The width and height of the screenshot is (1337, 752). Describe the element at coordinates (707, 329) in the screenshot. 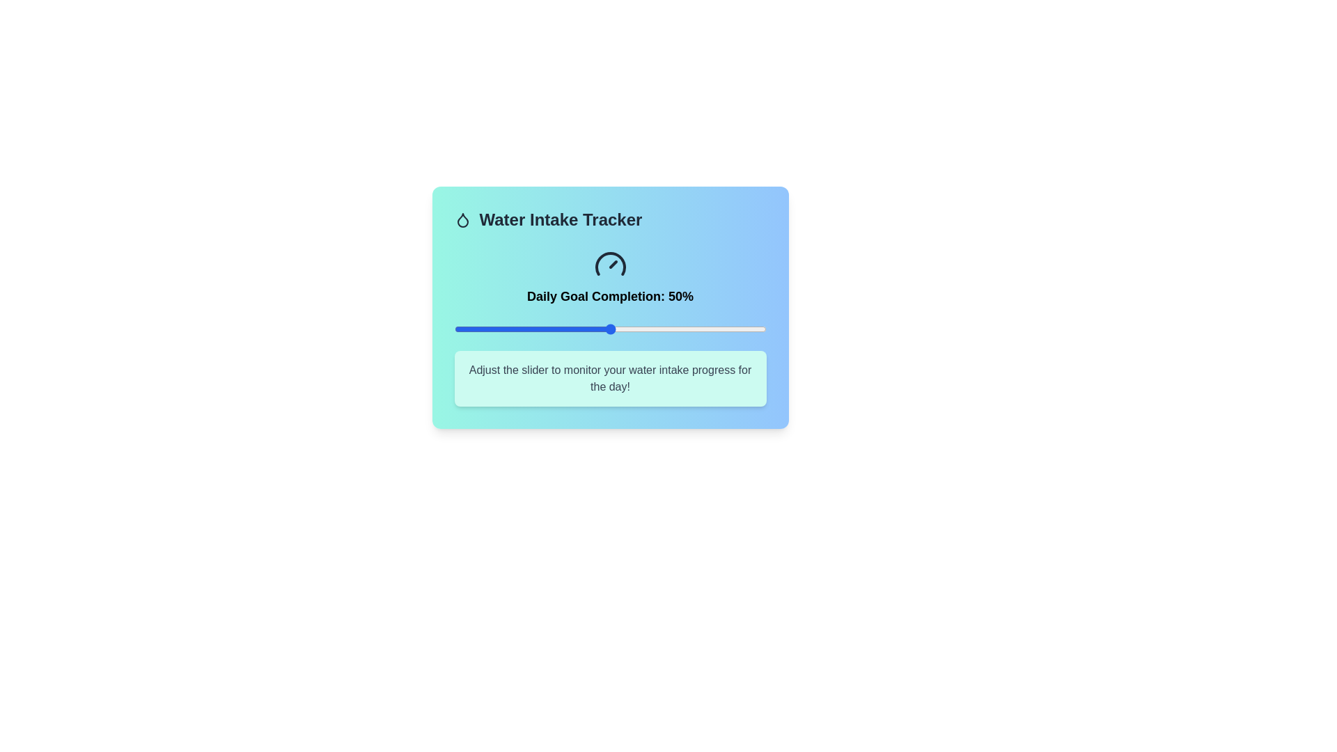

I see `the water intake tracker slider to 81%` at that location.